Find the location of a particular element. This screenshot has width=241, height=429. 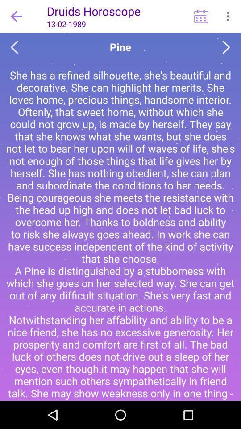

calendar is located at coordinates (201, 16).